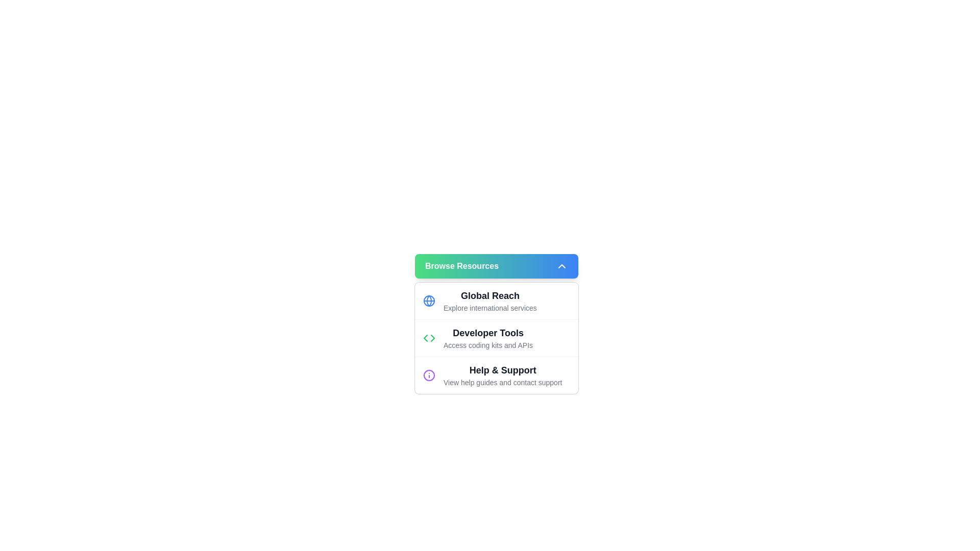 The image size is (980, 551). Describe the element at coordinates (561, 265) in the screenshot. I see `the upward-pointing chevron icon with no fill and a stroke of 'currentColor' located on the rightmost side of the 'Browse Resources' button` at that location.